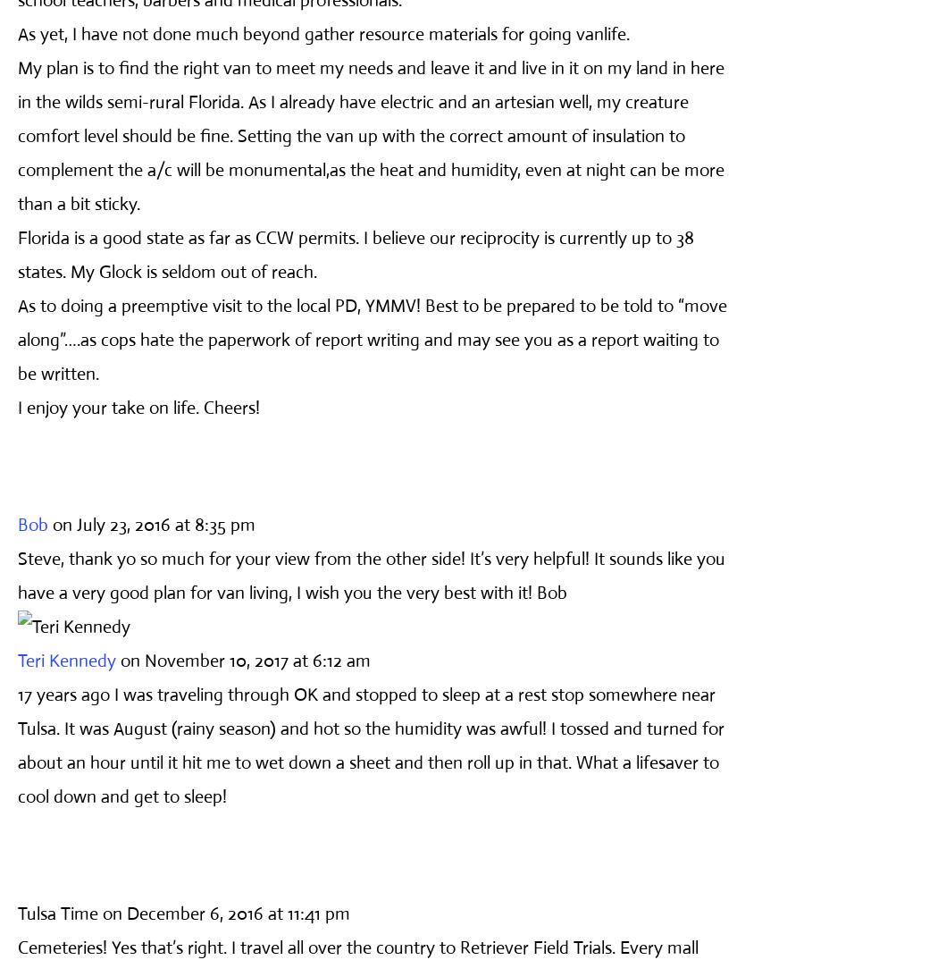  Describe the element at coordinates (138, 406) in the screenshot. I see `'I enjoy your take on life. Cheers!'` at that location.